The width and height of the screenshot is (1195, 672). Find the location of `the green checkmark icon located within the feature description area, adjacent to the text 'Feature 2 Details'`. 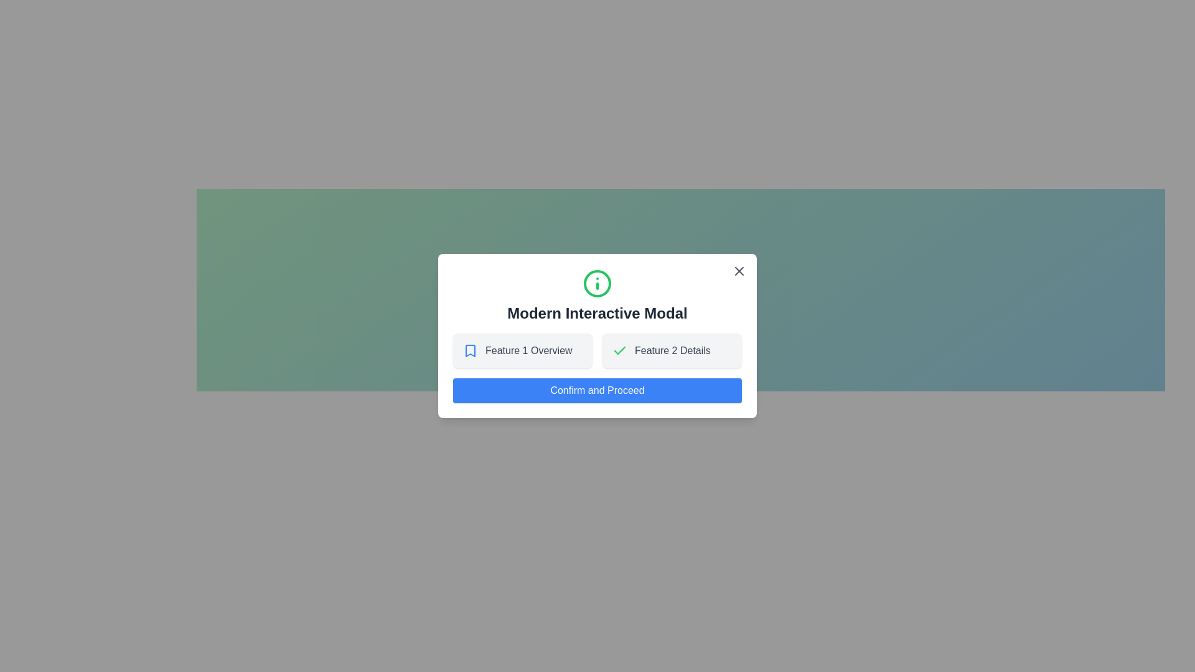

the green checkmark icon located within the feature description area, adjacent to the text 'Feature 2 Details' is located at coordinates (620, 350).